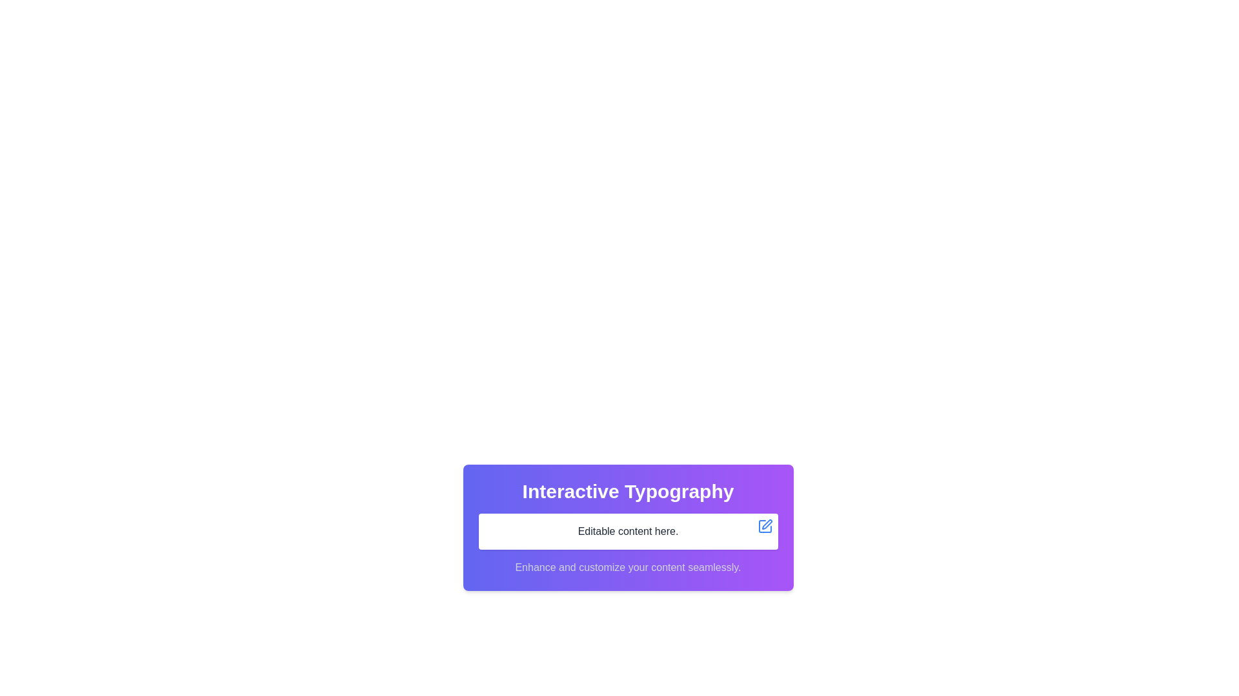 This screenshot has width=1239, height=696. Describe the element at coordinates (765, 527) in the screenshot. I see `the blue pen icon button that is located at the top-right corner inside a white rectangular box` at that location.